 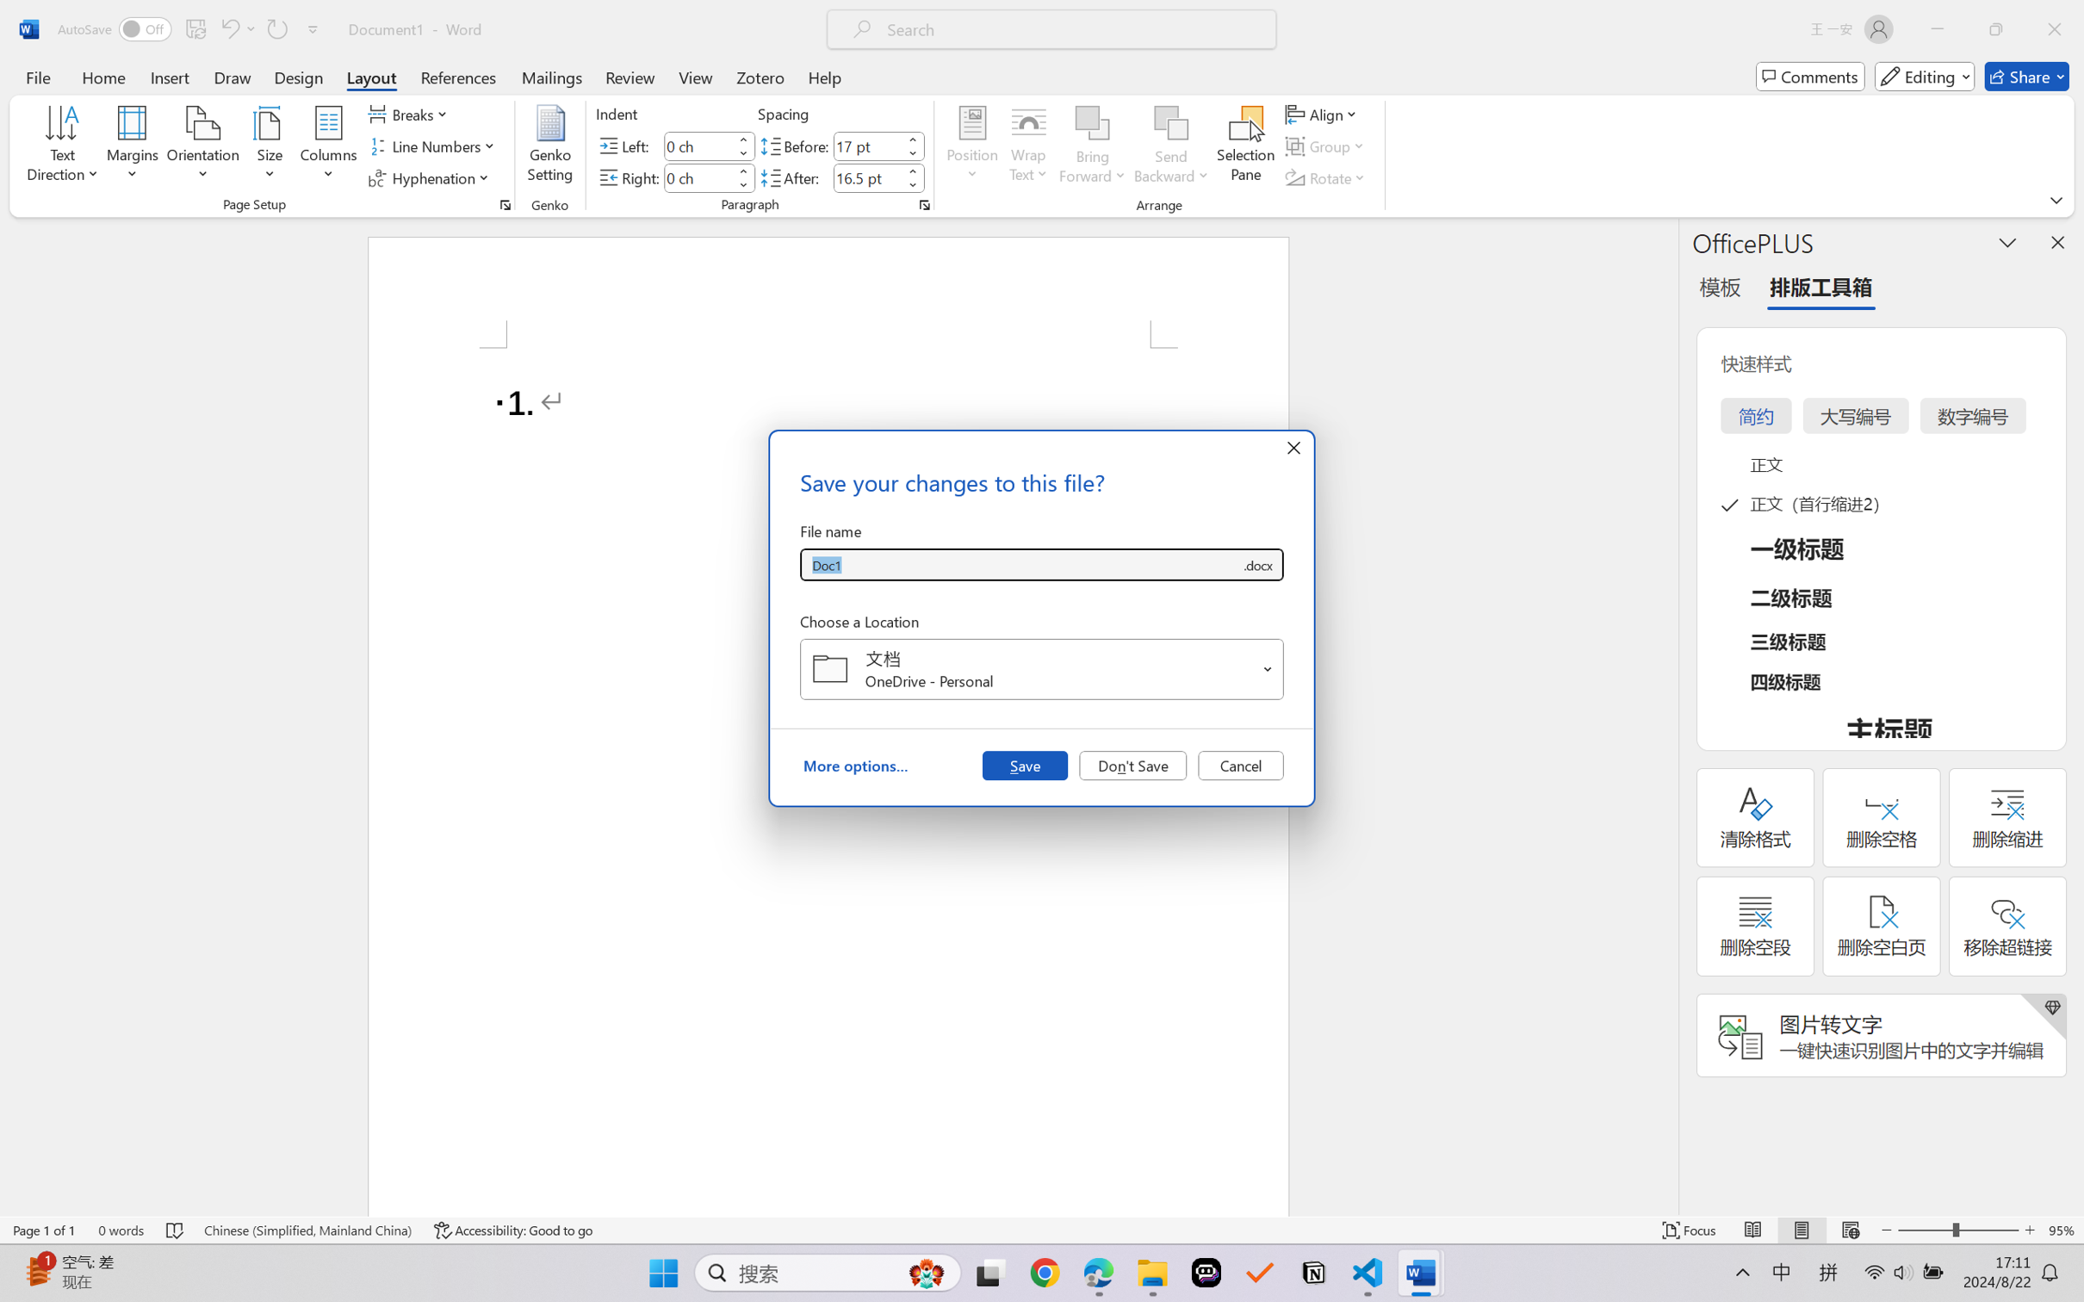 What do you see at coordinates (504, 204) in the screenshot?
I see `'Page Setup...'` at bounding box center [504, 204].